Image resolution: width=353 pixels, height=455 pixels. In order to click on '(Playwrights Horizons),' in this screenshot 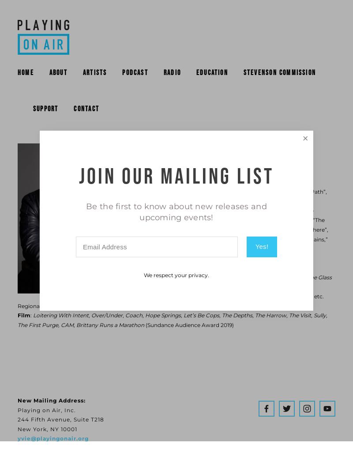, I will do `click(220, 277)`.